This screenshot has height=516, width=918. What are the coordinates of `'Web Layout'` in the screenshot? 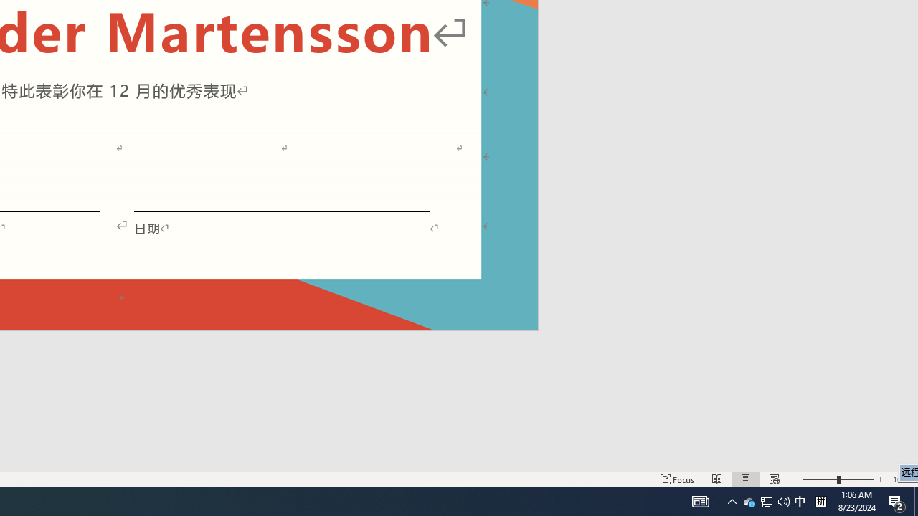 It's located at (773, 479).